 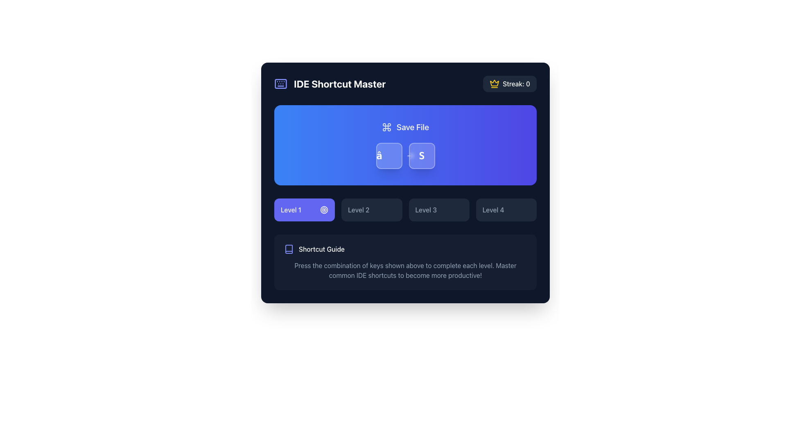 What do you see at coordinates (509, 83) in the screenshot?
I see `the 'Streak: 0' text element, which is accompanied by a yellow crown icon` at bounding box center [509, 83].